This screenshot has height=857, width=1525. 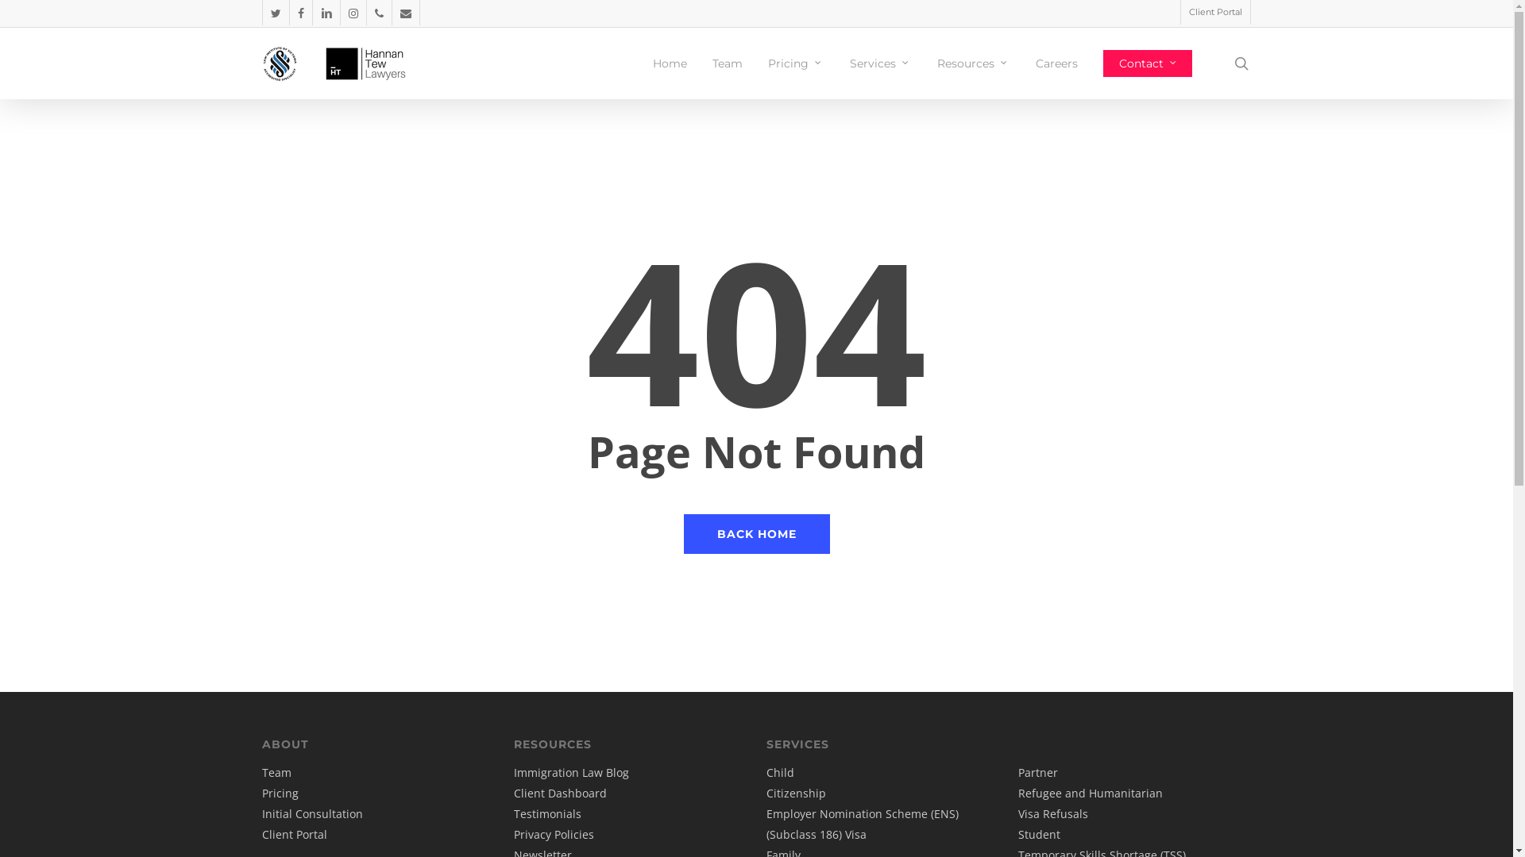 What do you see at coordinates (325, 12) in the screenshot?
I see `'Linkedin'` at bounding box center [325, 12].